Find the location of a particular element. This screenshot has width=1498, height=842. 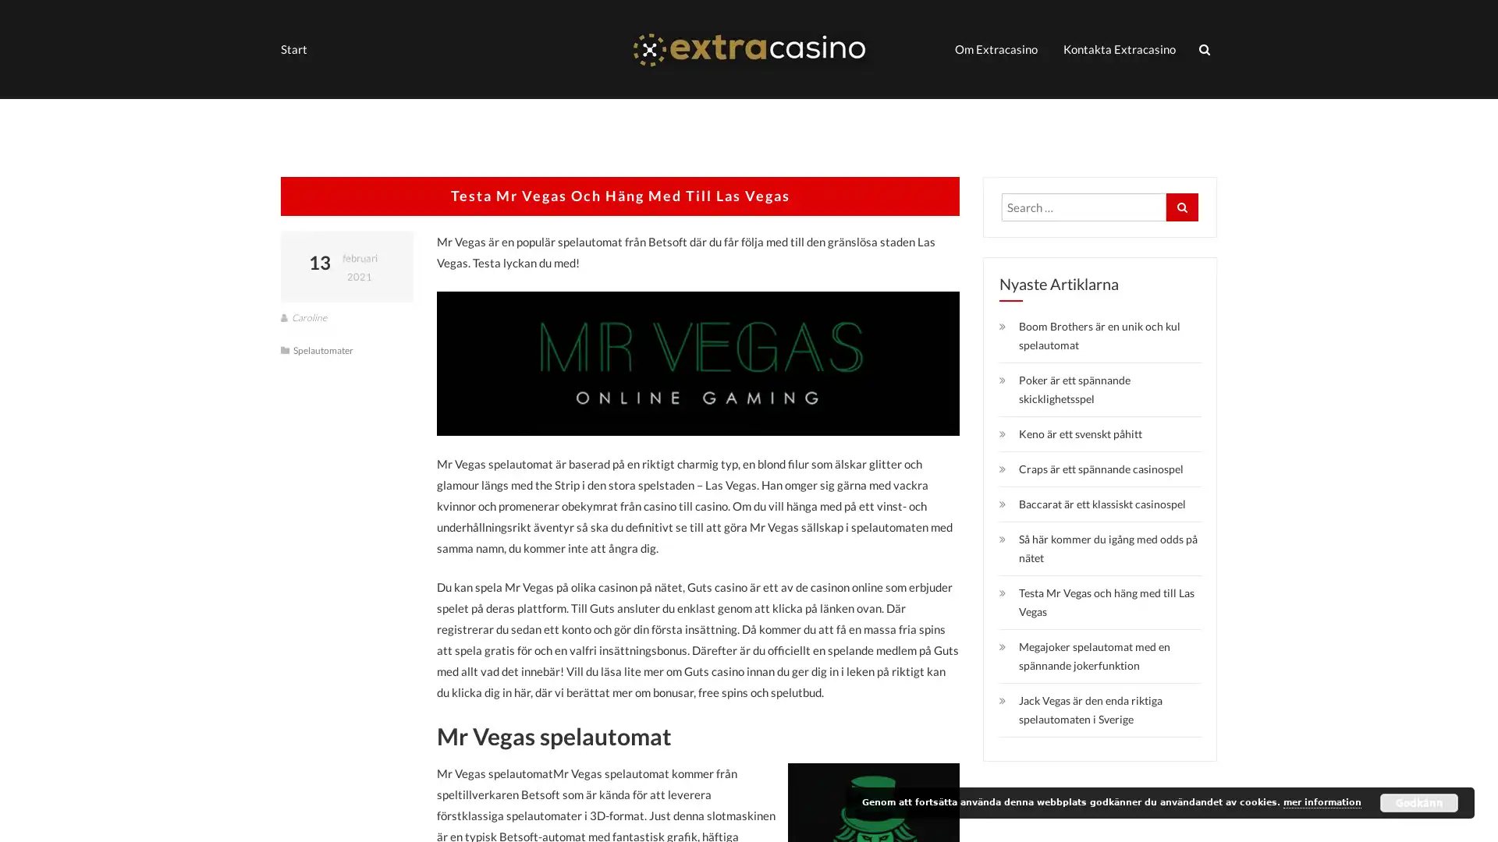

Godkann is located at coordinates (1419, 802).